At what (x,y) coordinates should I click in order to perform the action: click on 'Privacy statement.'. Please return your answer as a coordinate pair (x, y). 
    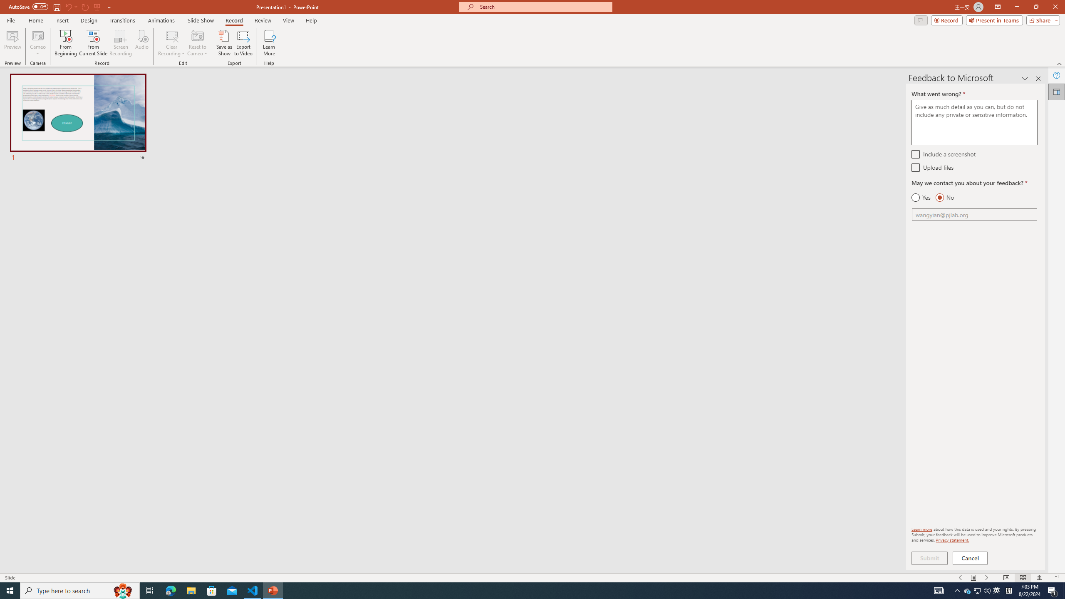
    Looking at the image, I should click on (952, 540).